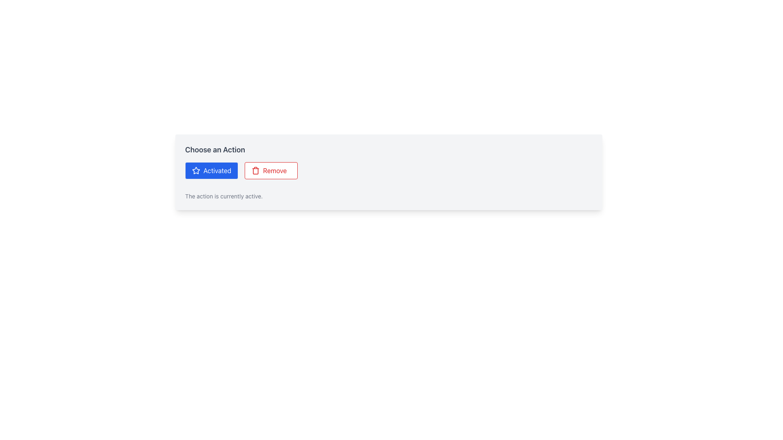 The width and height of the screenshot is (783, 440). I want to click on the star-shaped SVG graphic icon, which is styled in blue and positioned within the blue 'Activated' button, so click(196, 170).